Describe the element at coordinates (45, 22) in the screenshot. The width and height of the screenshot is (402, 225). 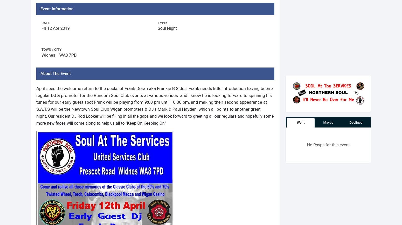
I see `'Date'` at that location.